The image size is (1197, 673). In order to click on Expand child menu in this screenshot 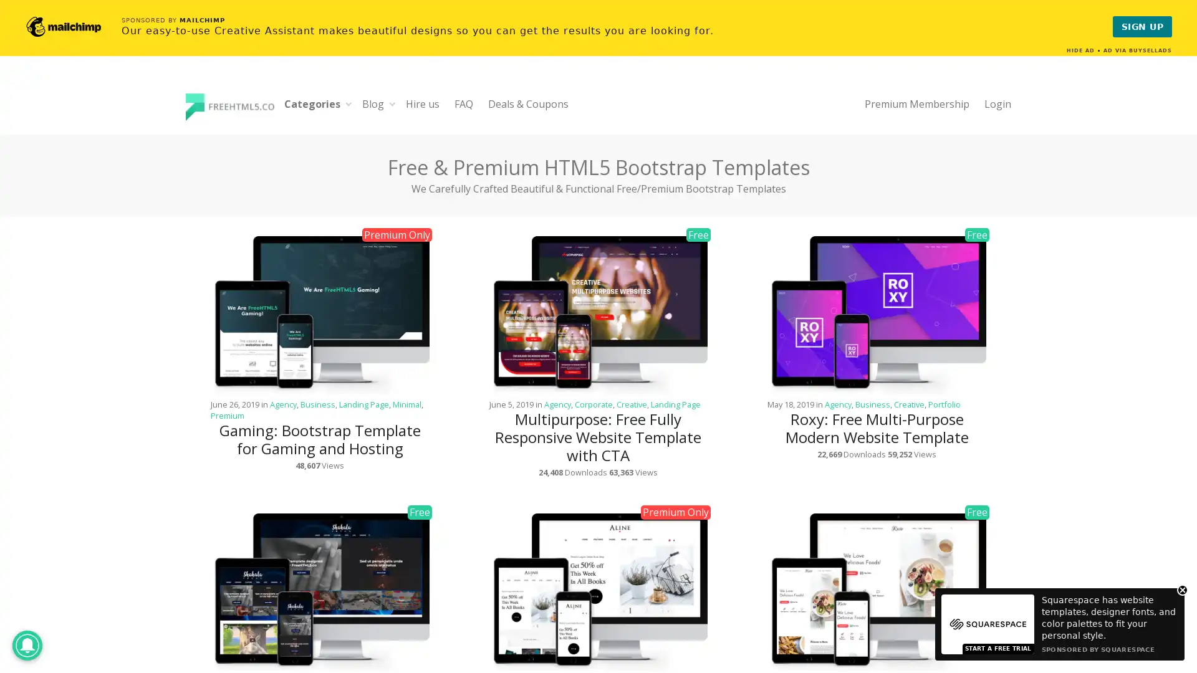, I will do `click(349, 103)`.